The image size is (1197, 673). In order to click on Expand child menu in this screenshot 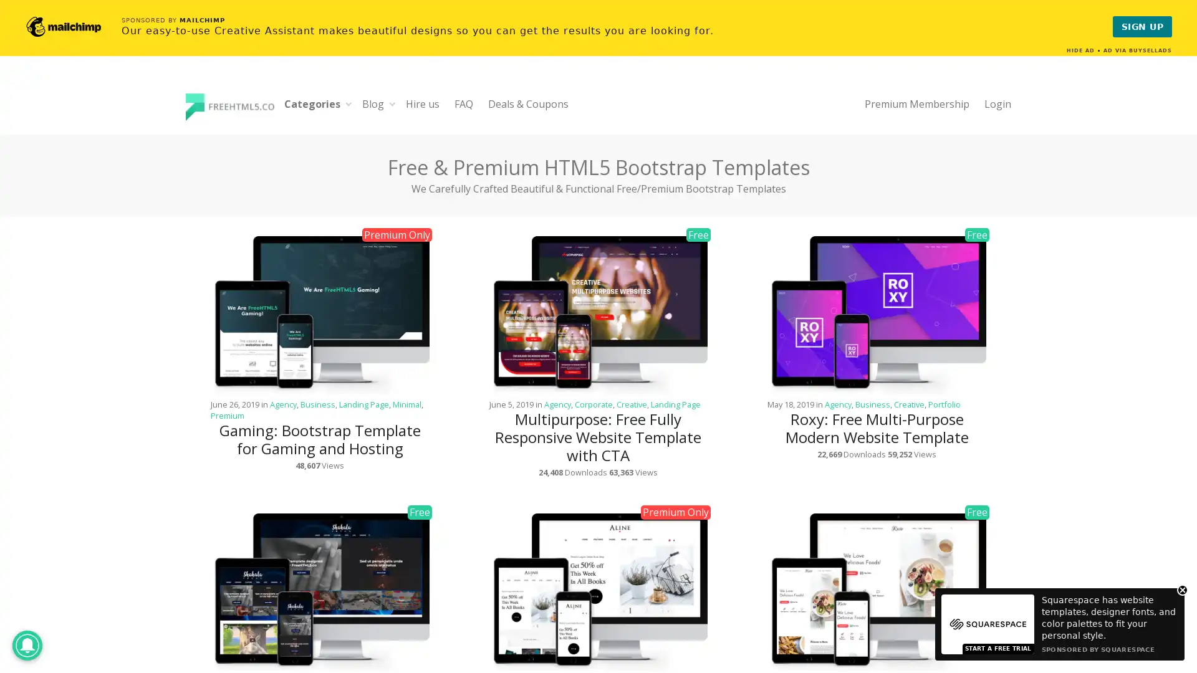, I will do `click(349, 103)`.